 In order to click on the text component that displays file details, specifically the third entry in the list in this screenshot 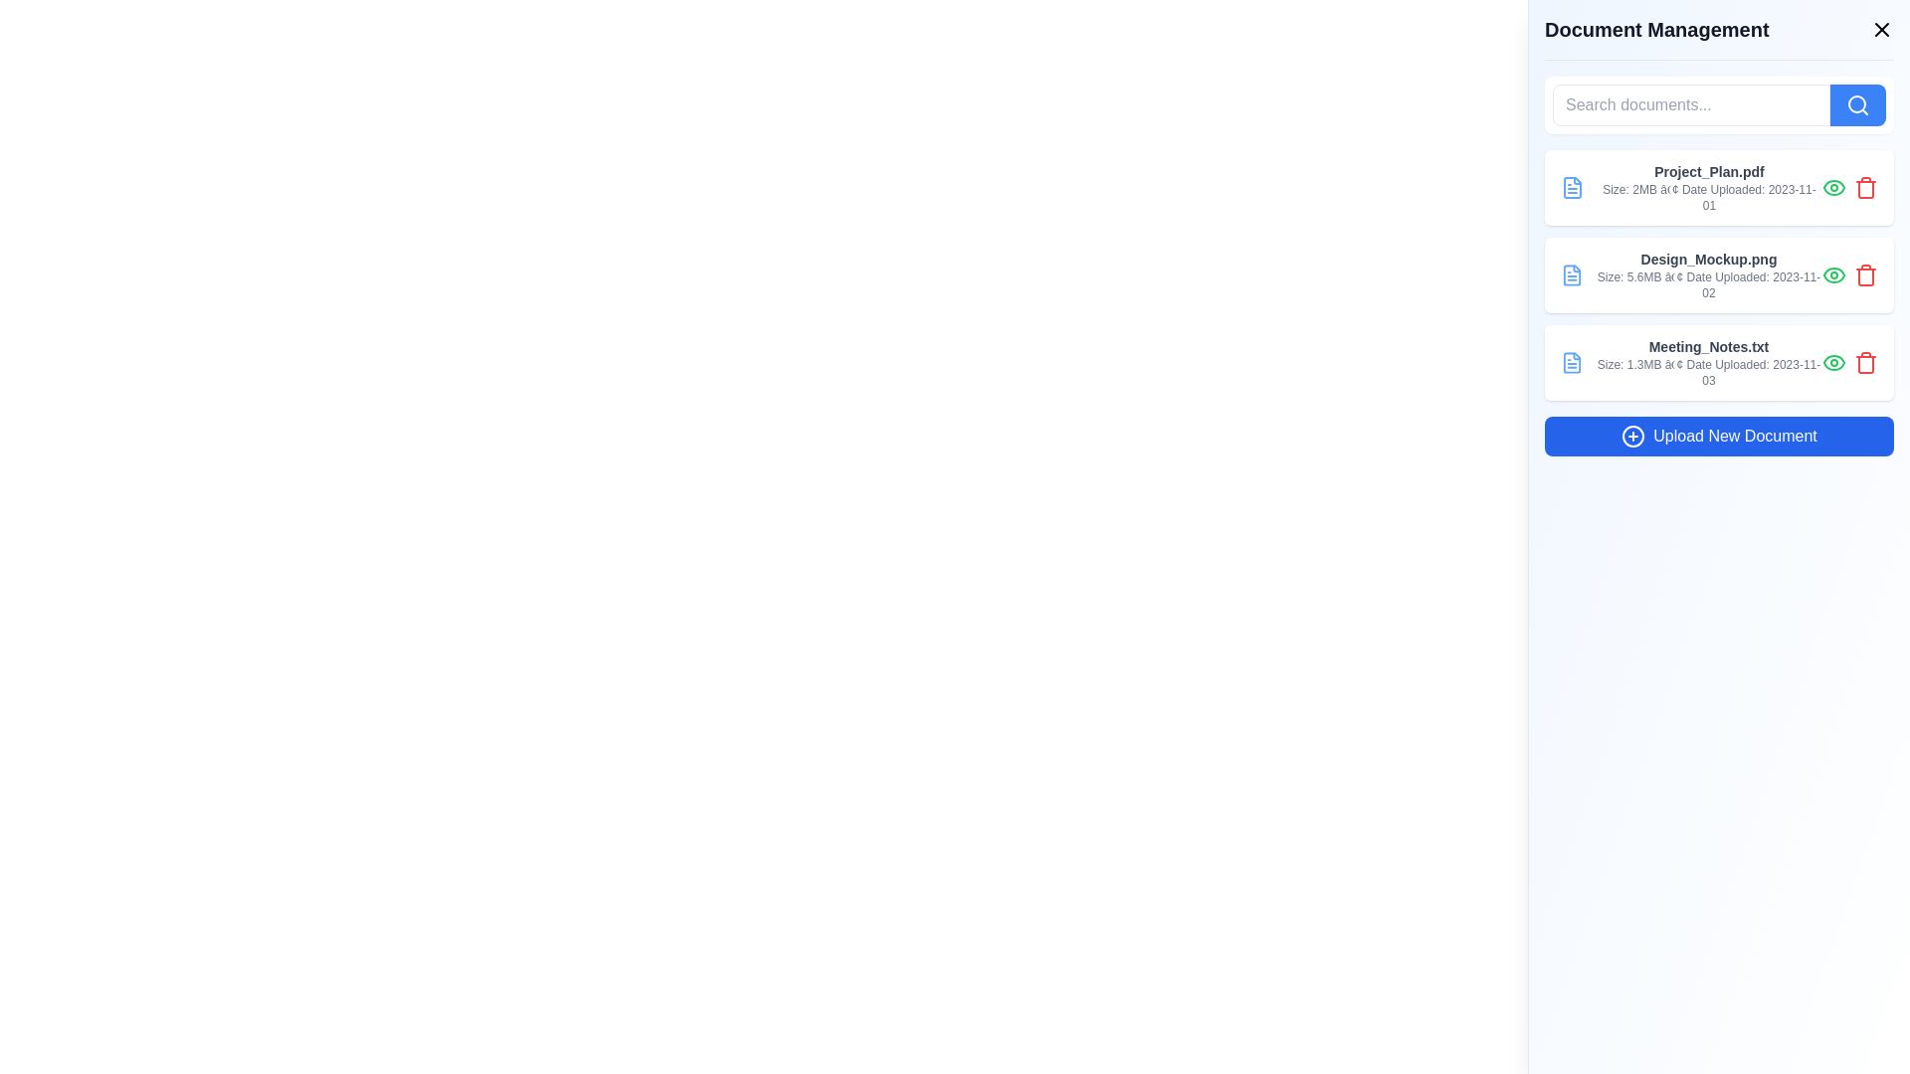, I will do `click(1708, 363)`.